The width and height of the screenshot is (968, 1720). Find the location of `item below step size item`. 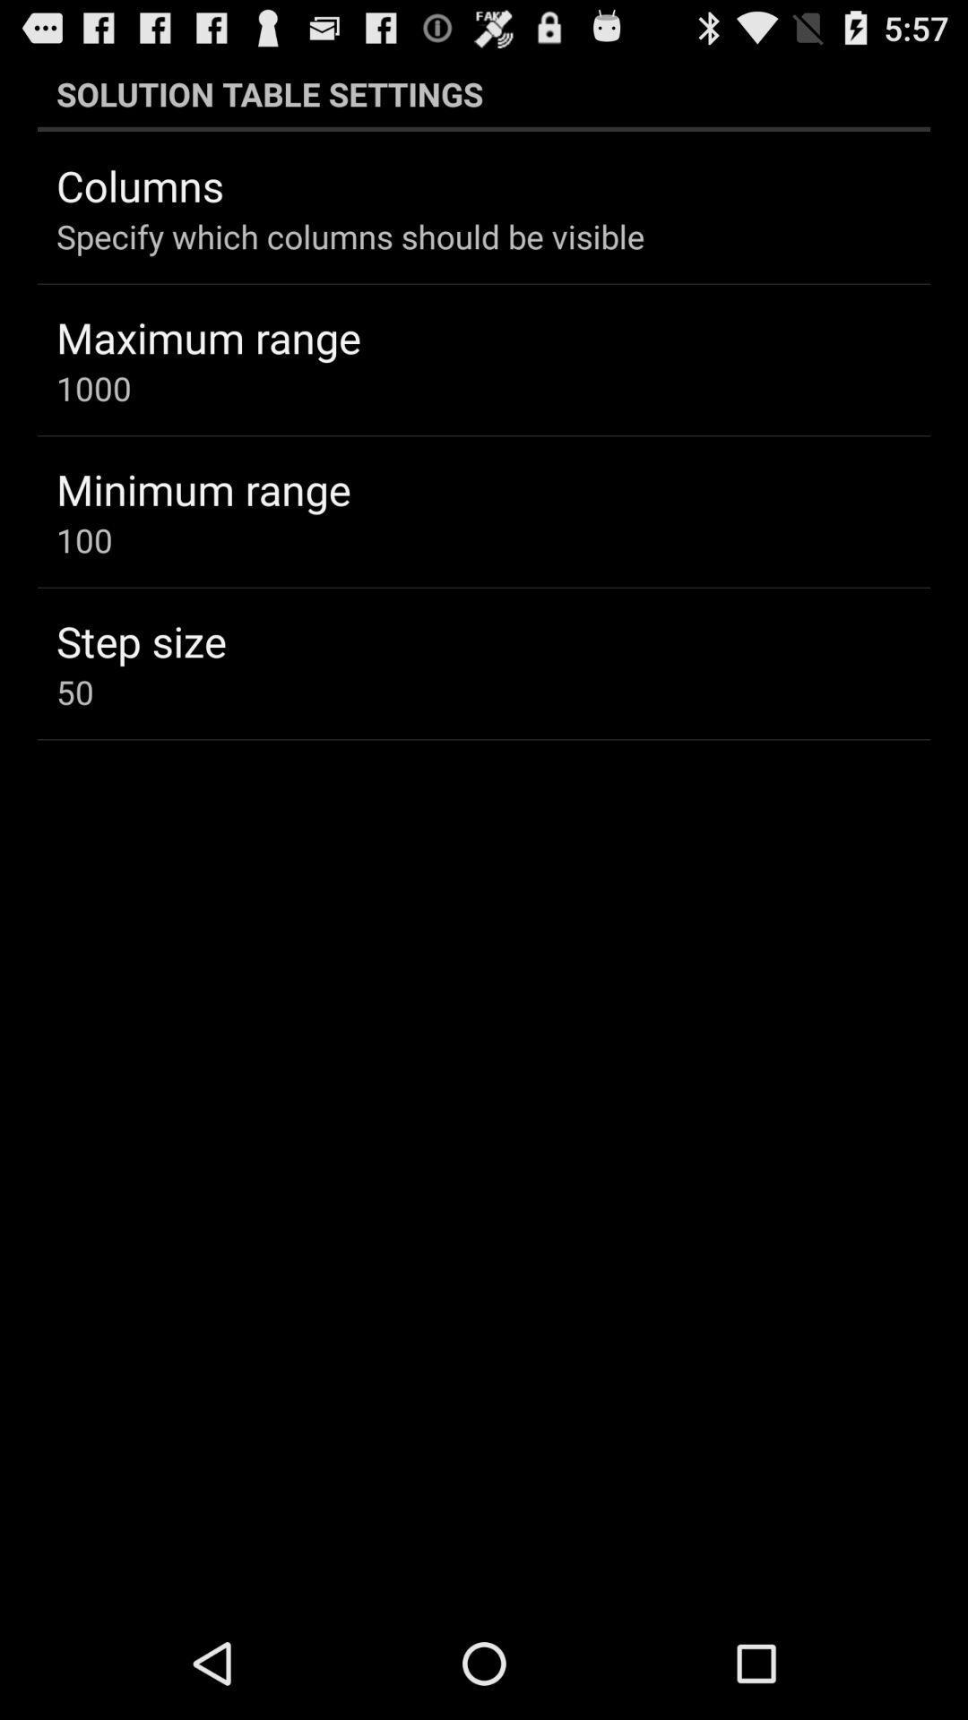

item below step size item is located at coordinates (74, 691).